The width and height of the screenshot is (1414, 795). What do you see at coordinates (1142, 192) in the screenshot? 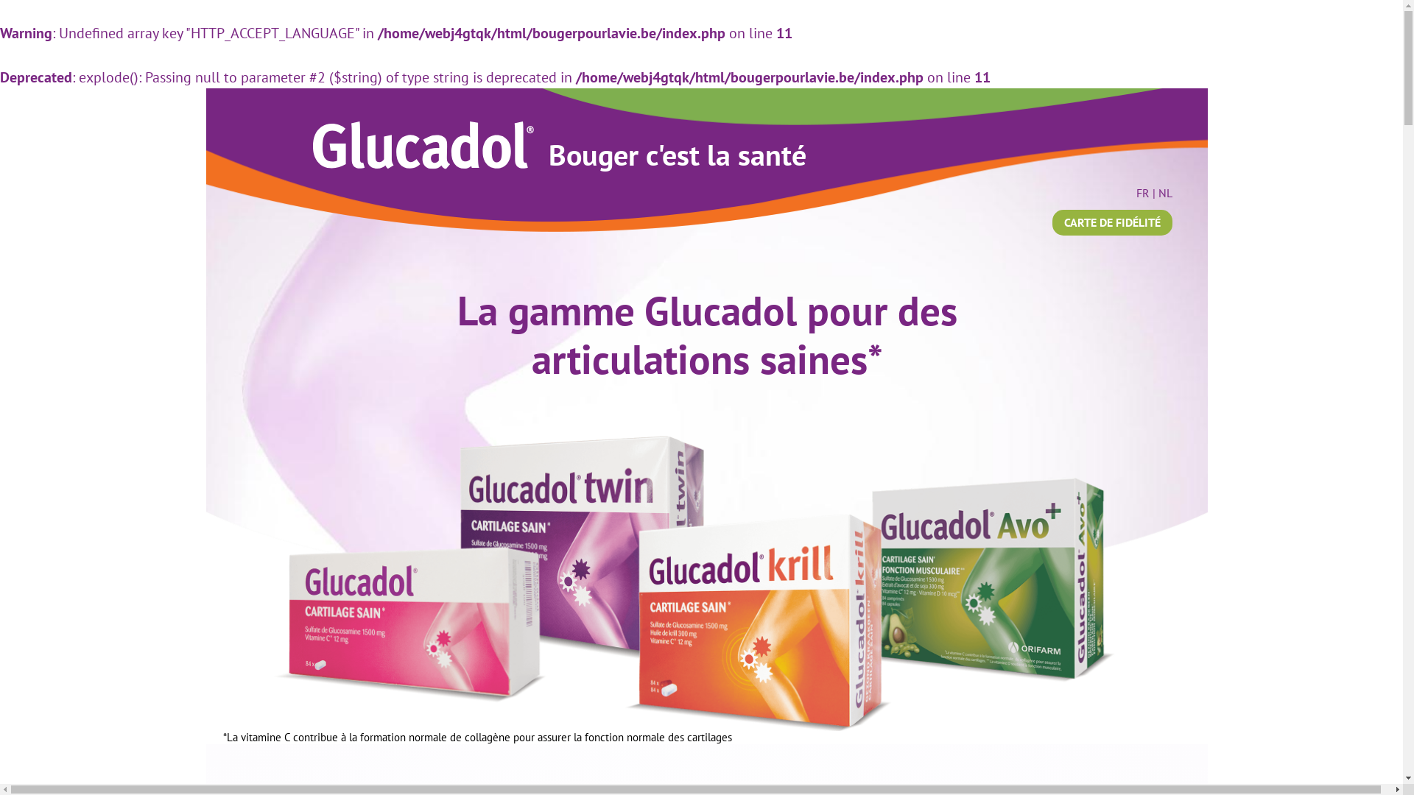
I see `'FR'` at bounding box center [1142, 192].